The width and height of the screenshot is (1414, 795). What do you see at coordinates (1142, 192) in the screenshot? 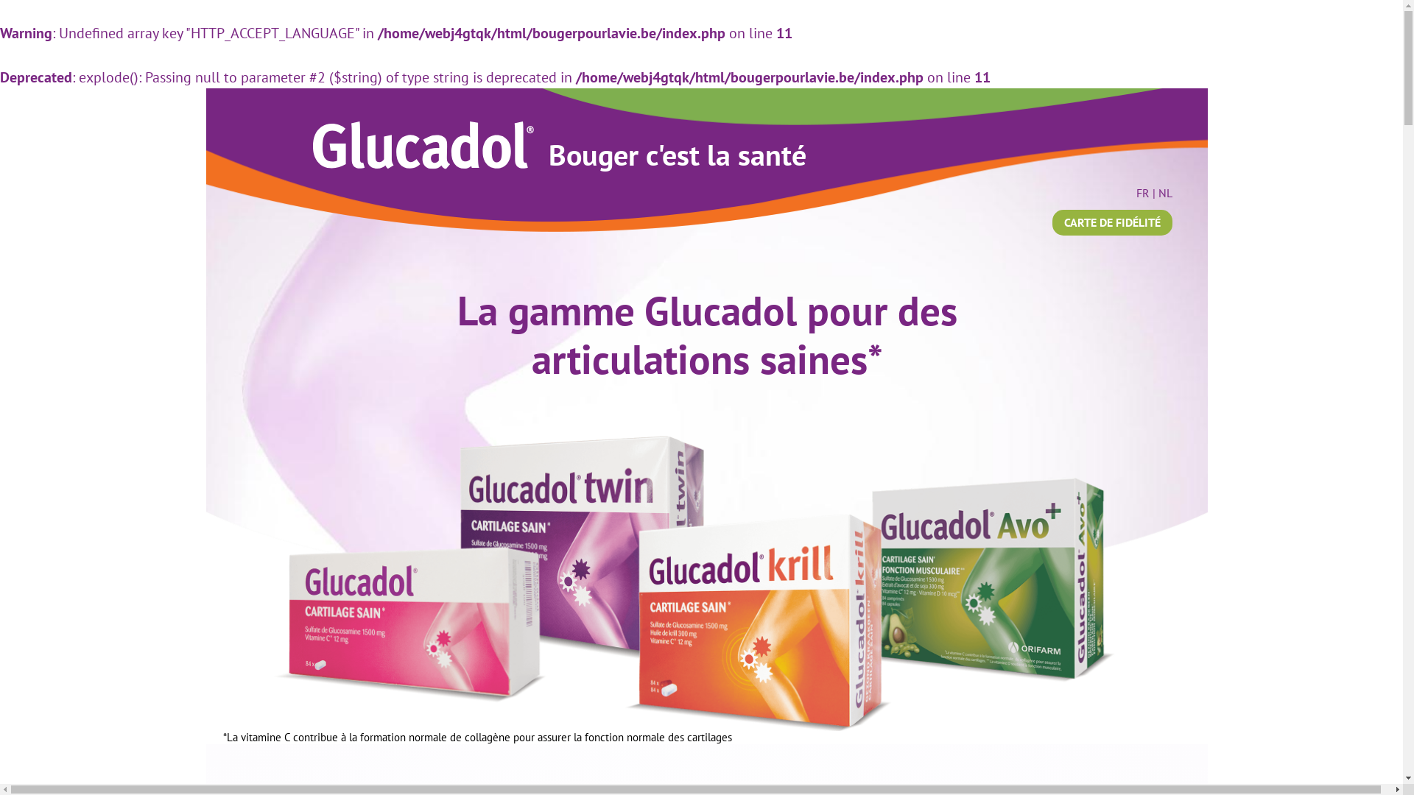
I see `'FR'` at bounding box center [1142, 192].